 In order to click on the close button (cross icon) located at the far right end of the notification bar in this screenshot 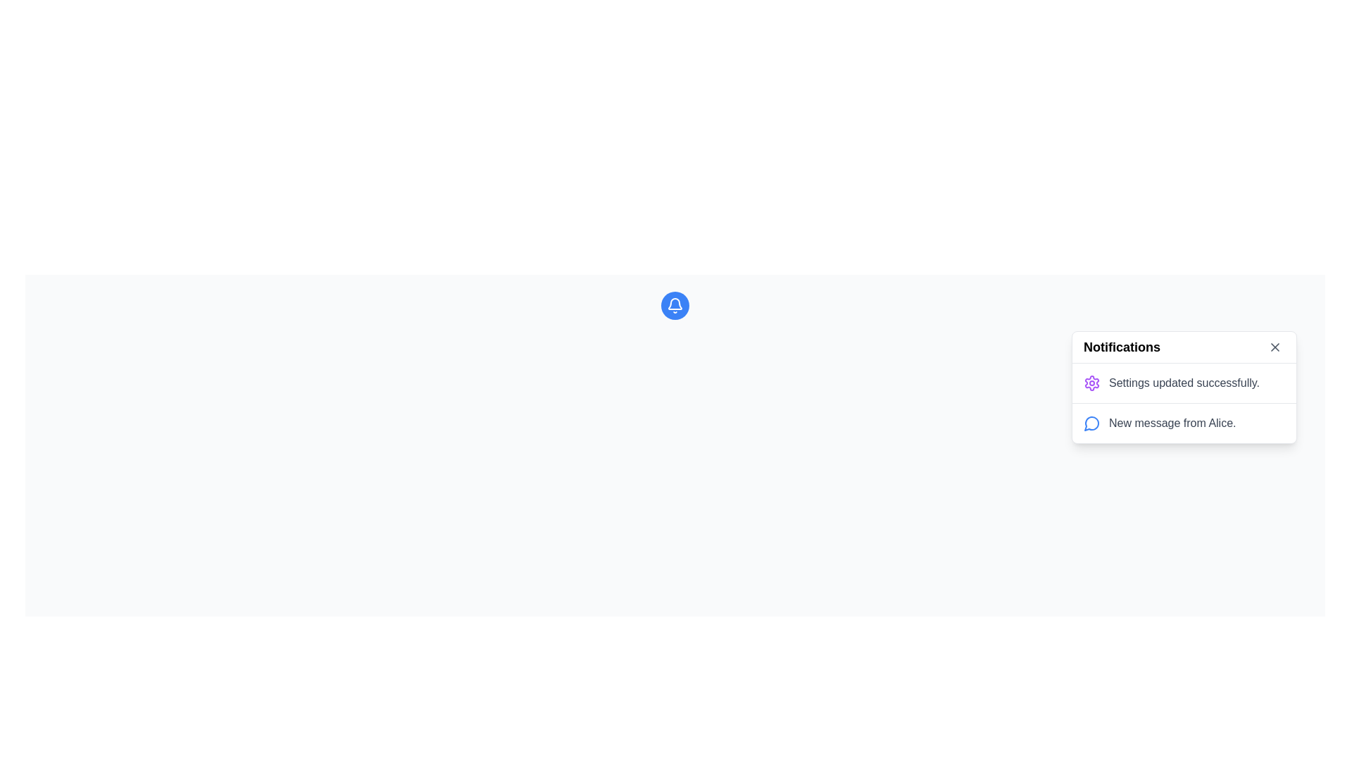, I will do `click(1275, 347)`.